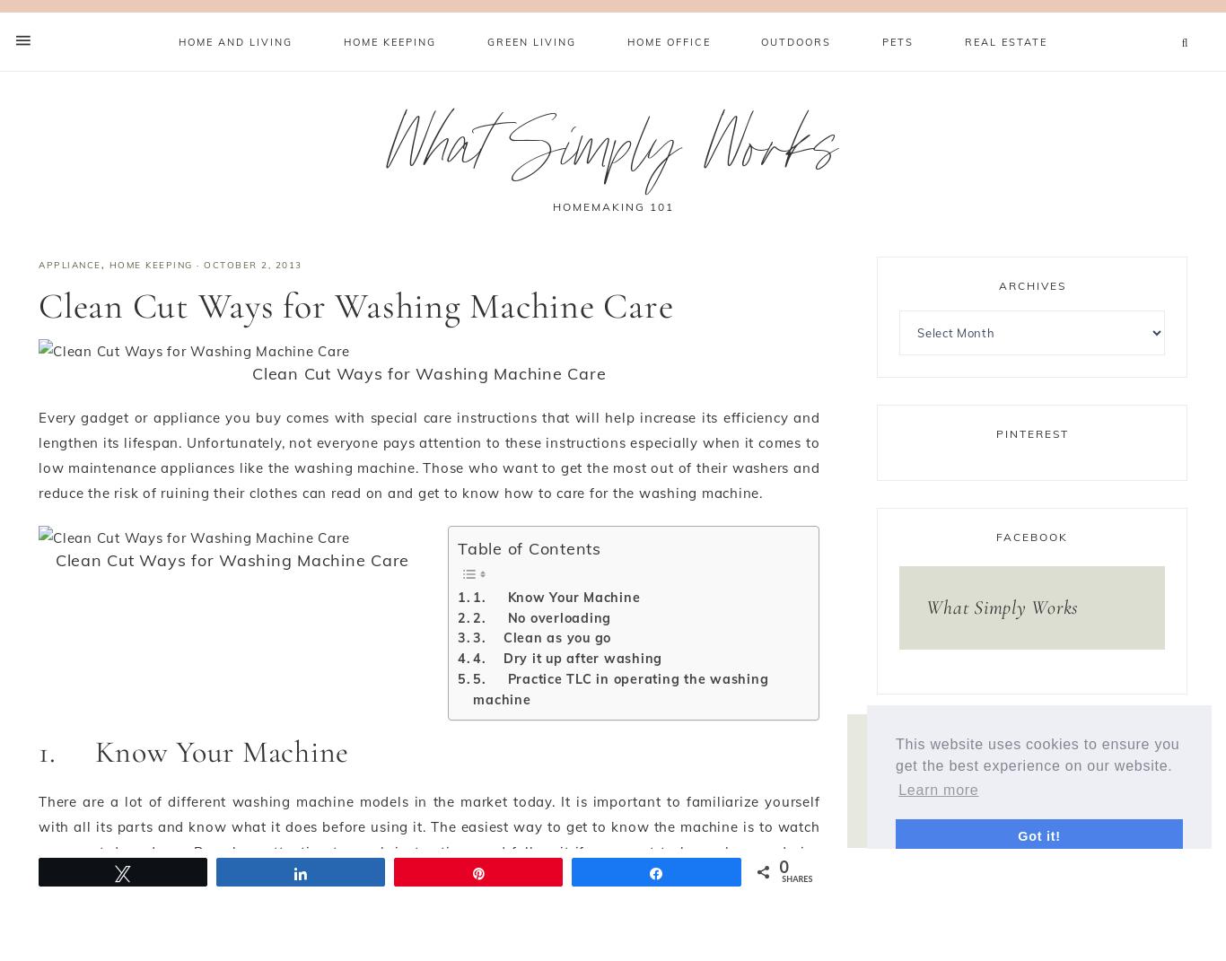  Describe the element at coordinates (1038, 754) in the screenshot. I see `'This website uses cookies to ensure you get the best experience on our website.'` at that location.